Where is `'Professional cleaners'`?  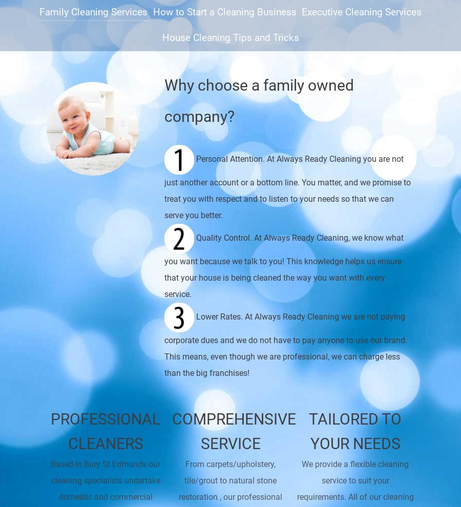 'Professional cleaners' is located at coordinates (106, 430).